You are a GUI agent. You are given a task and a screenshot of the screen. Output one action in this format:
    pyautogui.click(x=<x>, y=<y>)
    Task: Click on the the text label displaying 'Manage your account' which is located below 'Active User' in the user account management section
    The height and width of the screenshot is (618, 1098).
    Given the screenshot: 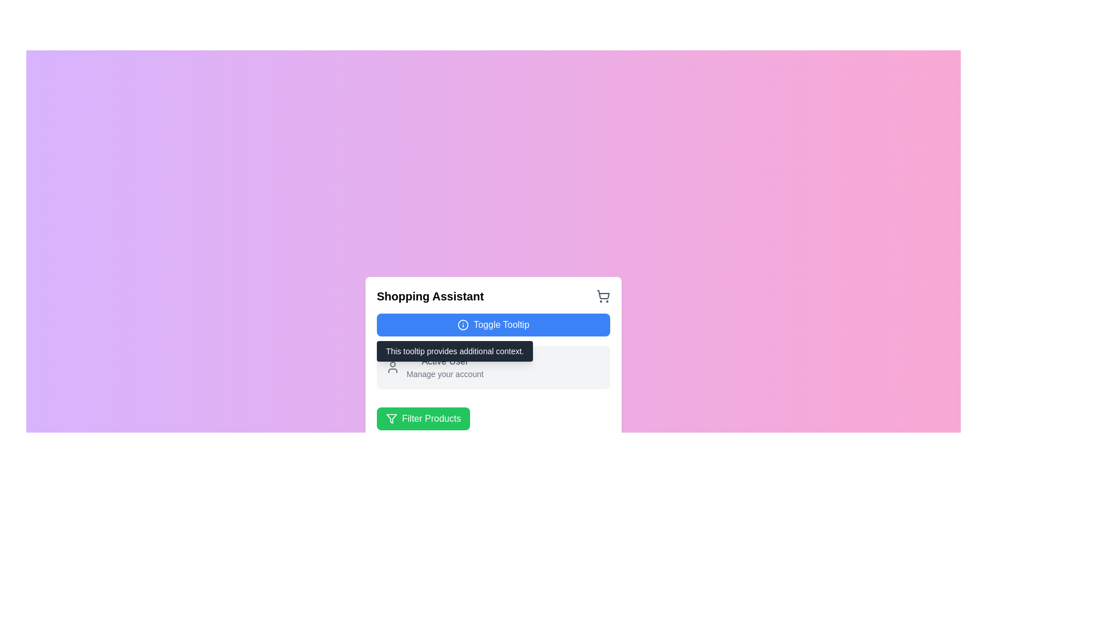 What is the action you would take?
    pyautogui.click(x=444, y=374)
    